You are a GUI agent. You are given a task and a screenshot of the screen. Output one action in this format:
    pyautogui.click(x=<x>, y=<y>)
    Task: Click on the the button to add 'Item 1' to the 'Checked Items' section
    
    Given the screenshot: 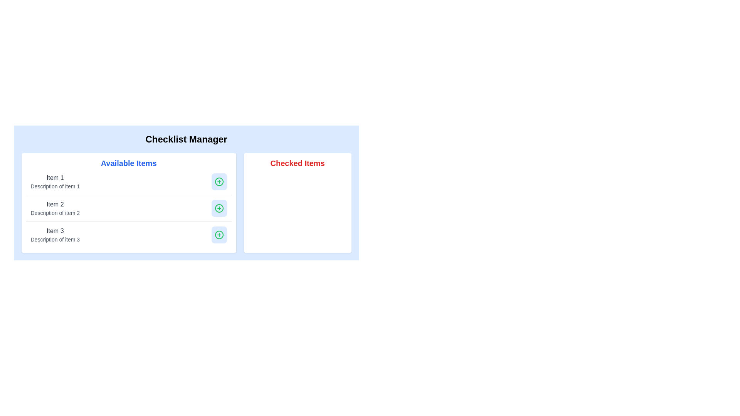 What is the action you would take?
    pyautogui.click(x=219, y=181)
    